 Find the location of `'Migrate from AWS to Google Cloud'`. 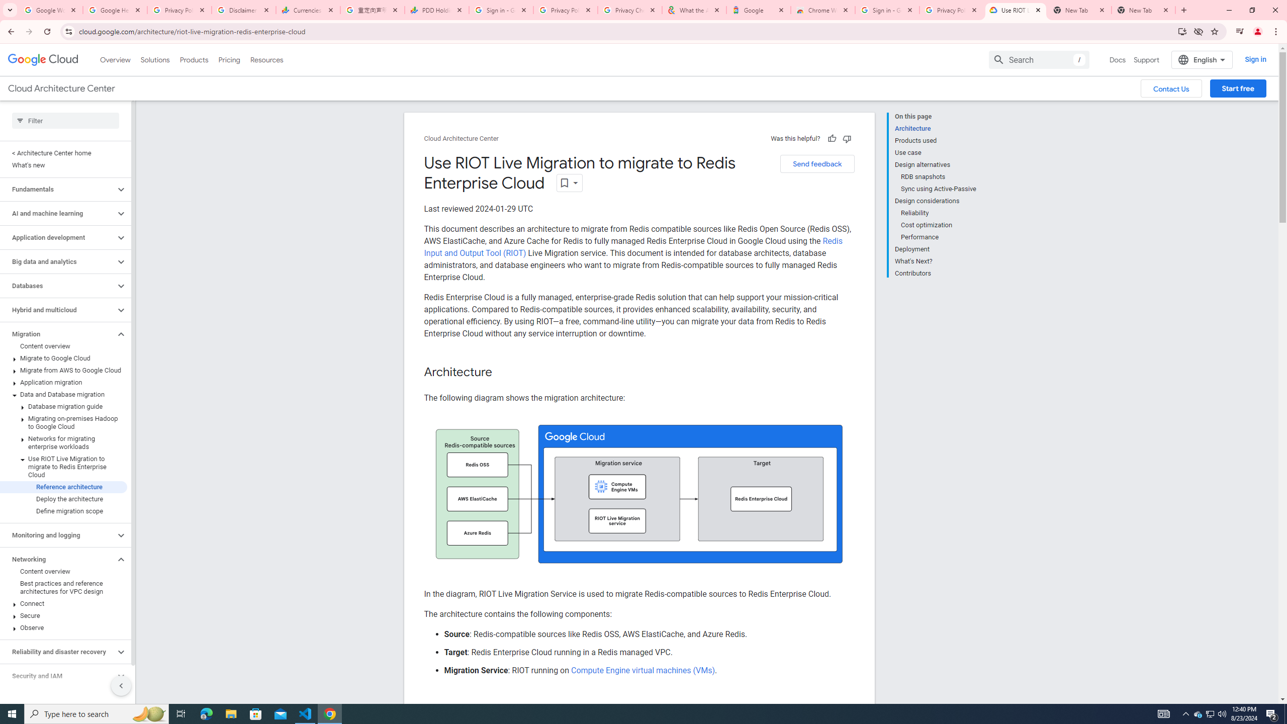

'Migrate from AWS to Google Cloud' is located at coordinates (63, 370).